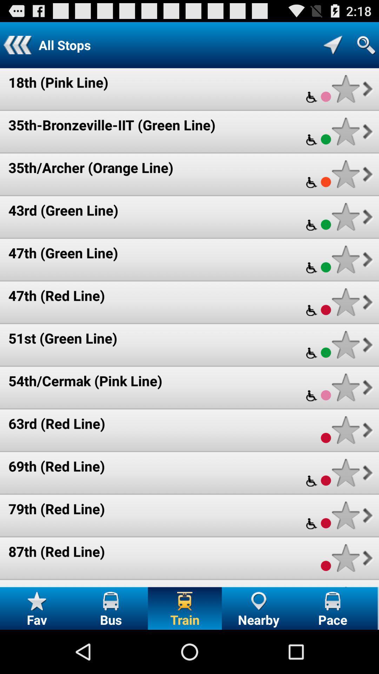 The image size is (379, 674). I want to click on route, so click(345, 515).